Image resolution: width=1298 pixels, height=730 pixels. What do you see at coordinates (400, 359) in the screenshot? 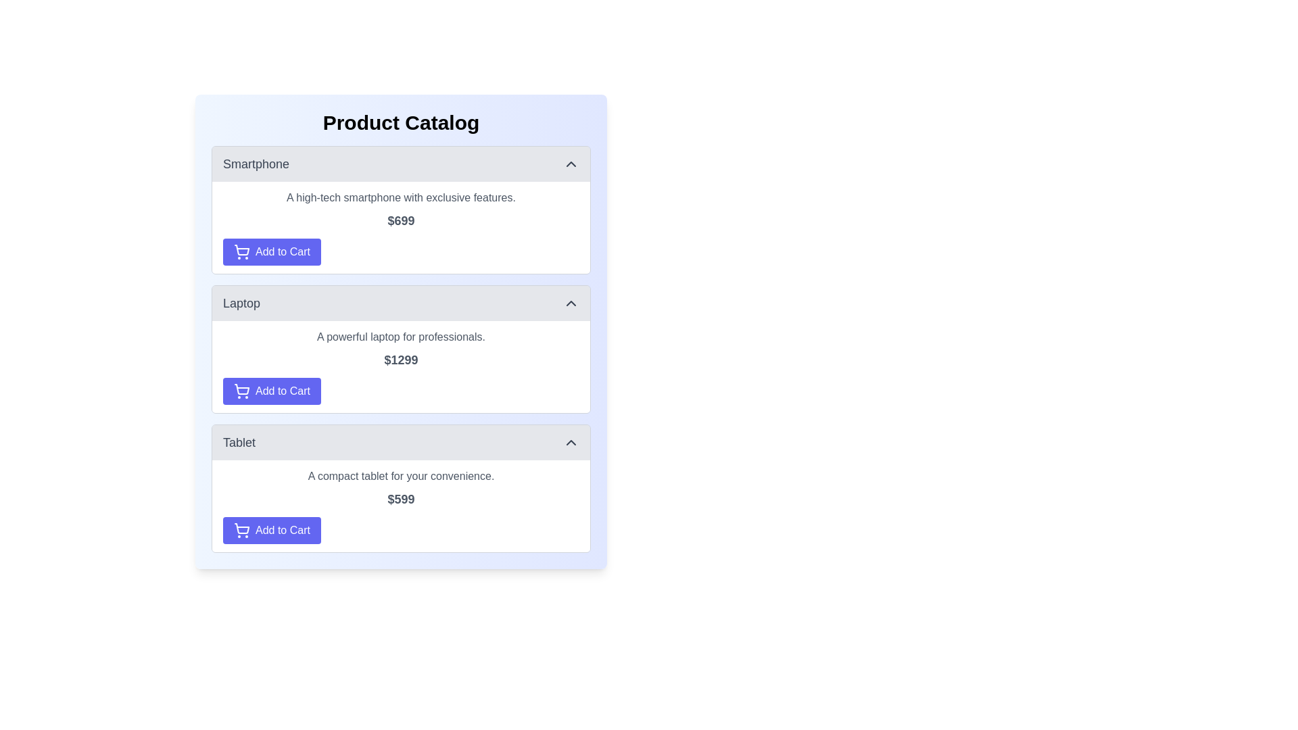
I see `the price text label displaying '$1299' located in the 'Laptop' section of the product catalog, positioned between the description and the 'Add to Cart' button` at bounding box center [400, 359].